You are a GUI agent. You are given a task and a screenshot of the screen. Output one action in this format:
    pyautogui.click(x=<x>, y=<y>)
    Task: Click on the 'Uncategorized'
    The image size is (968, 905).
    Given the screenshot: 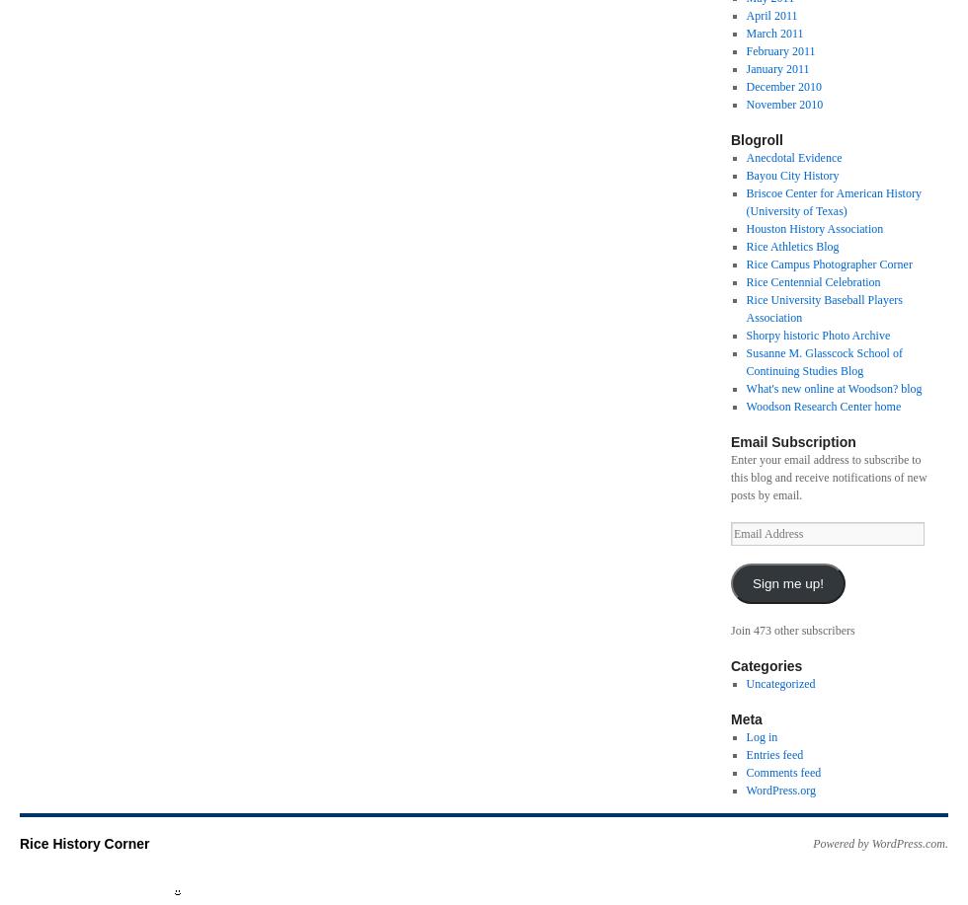 What is the action you would take?
    pyautogui.click(x=779, y=683)
    